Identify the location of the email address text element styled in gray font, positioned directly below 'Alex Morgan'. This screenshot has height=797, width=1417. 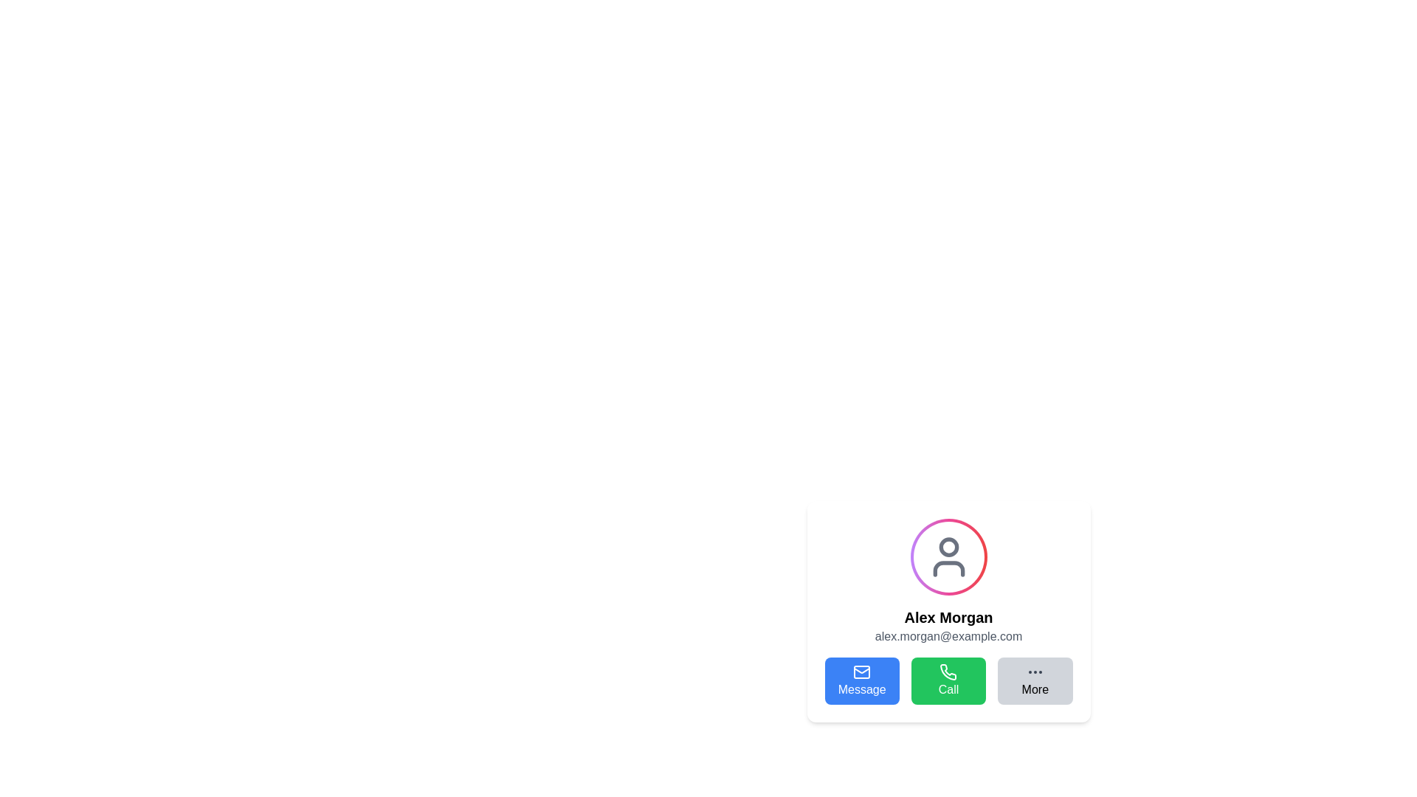
(948, 636).